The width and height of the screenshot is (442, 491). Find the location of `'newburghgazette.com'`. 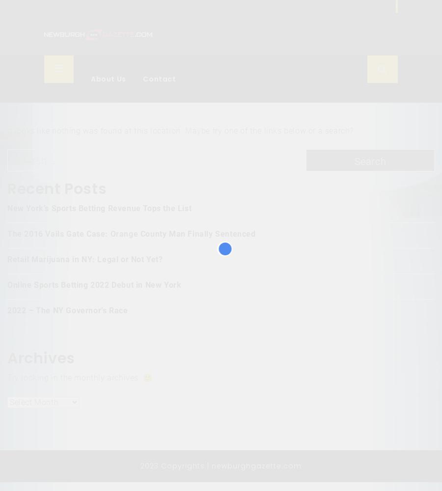

'newburghgazette.com' is located at coordinates (256, 465).